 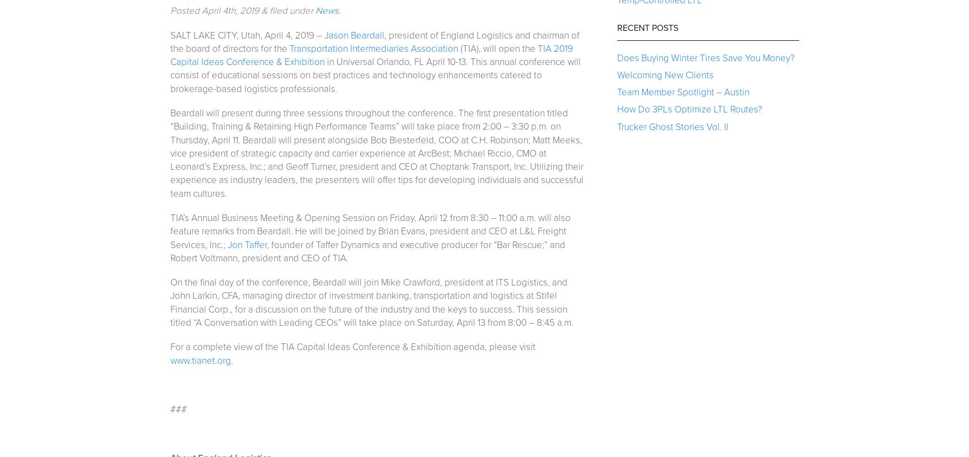 What do you see at coordinates (374, 74) in the screenshot?
I see `'in Universal Orlando, FL April 10-13. This annual conference will consist of educational sessions on best practices and technology enhancements catered to brokerage-based logistics professionals.'` at bounding box center [374, 74].